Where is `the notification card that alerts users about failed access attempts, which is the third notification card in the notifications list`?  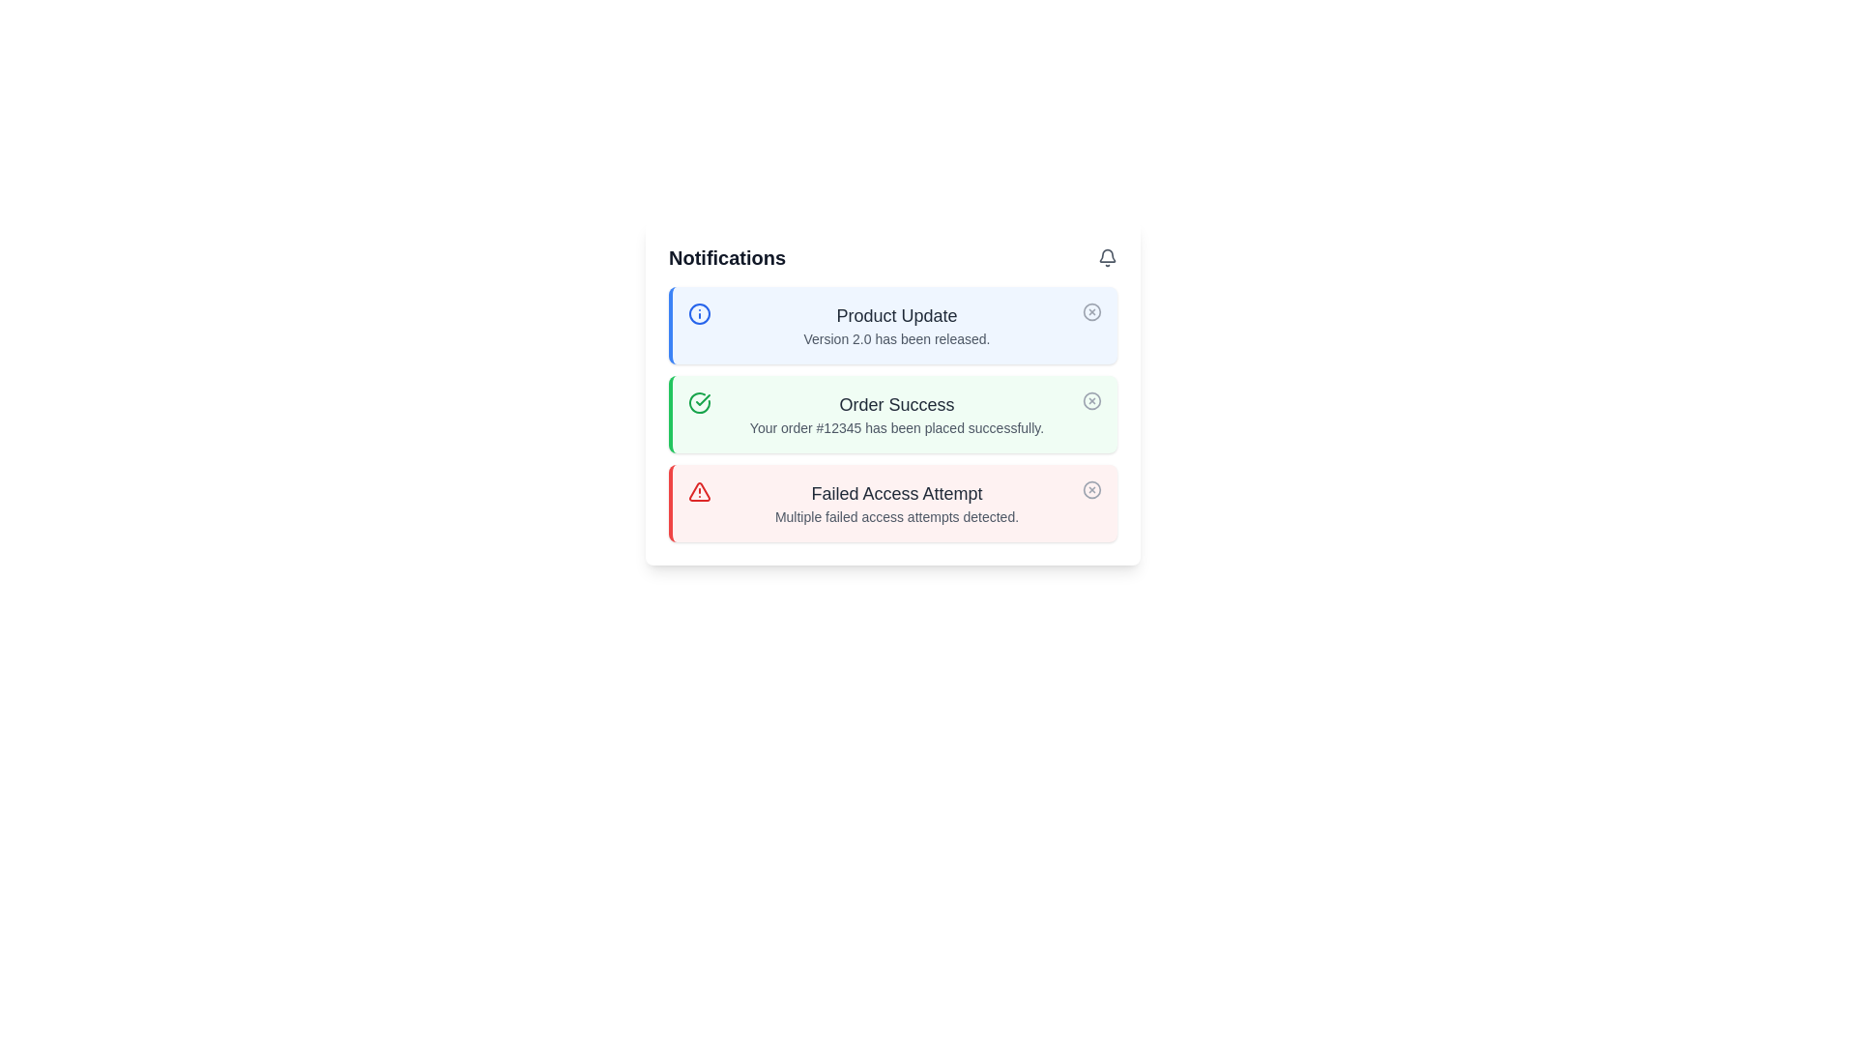
the notification card that alerts users about failed access attempts, which is the third notification card in the notifications list is located at coordinates (895, 502).